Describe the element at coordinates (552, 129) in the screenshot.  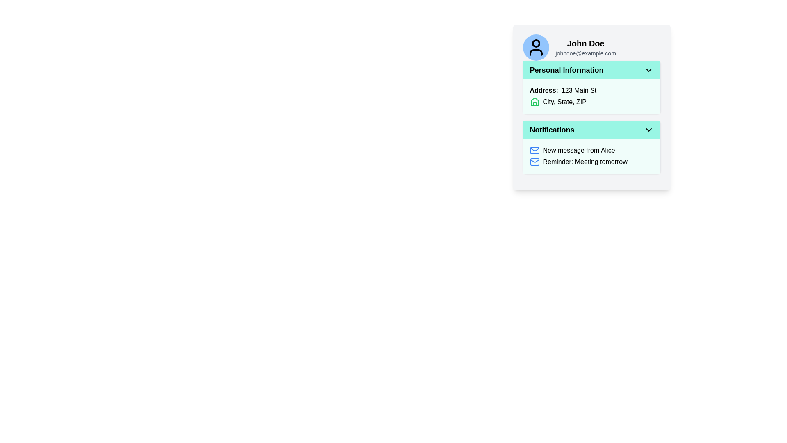
I see `the text label 'Notifications' displayed in bold font within the teal-colored bar, which serves as a section header` at that location.